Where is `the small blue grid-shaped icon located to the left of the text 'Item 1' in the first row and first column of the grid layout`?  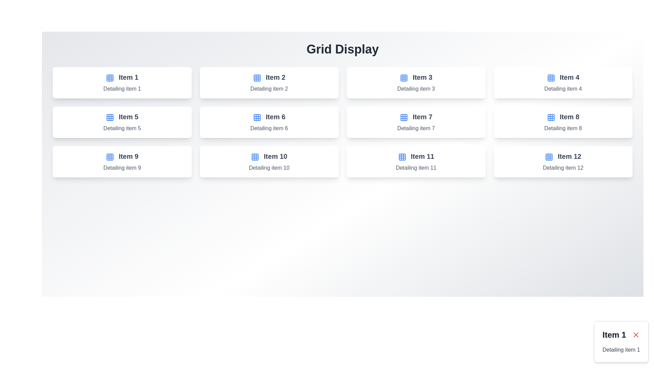 the small blue grid-shaped icon located to the left of the text 'Item 1' in the first row and first column of the grid layout is located at coordinates (110, 77).